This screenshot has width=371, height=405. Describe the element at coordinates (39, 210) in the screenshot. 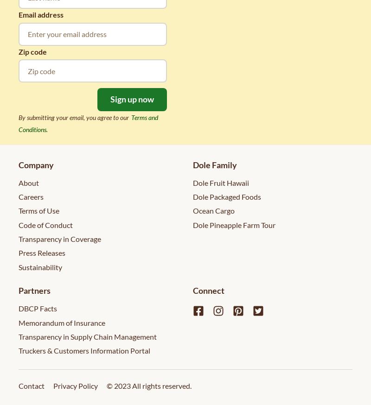

I see `'Terms of Use'` at that location.